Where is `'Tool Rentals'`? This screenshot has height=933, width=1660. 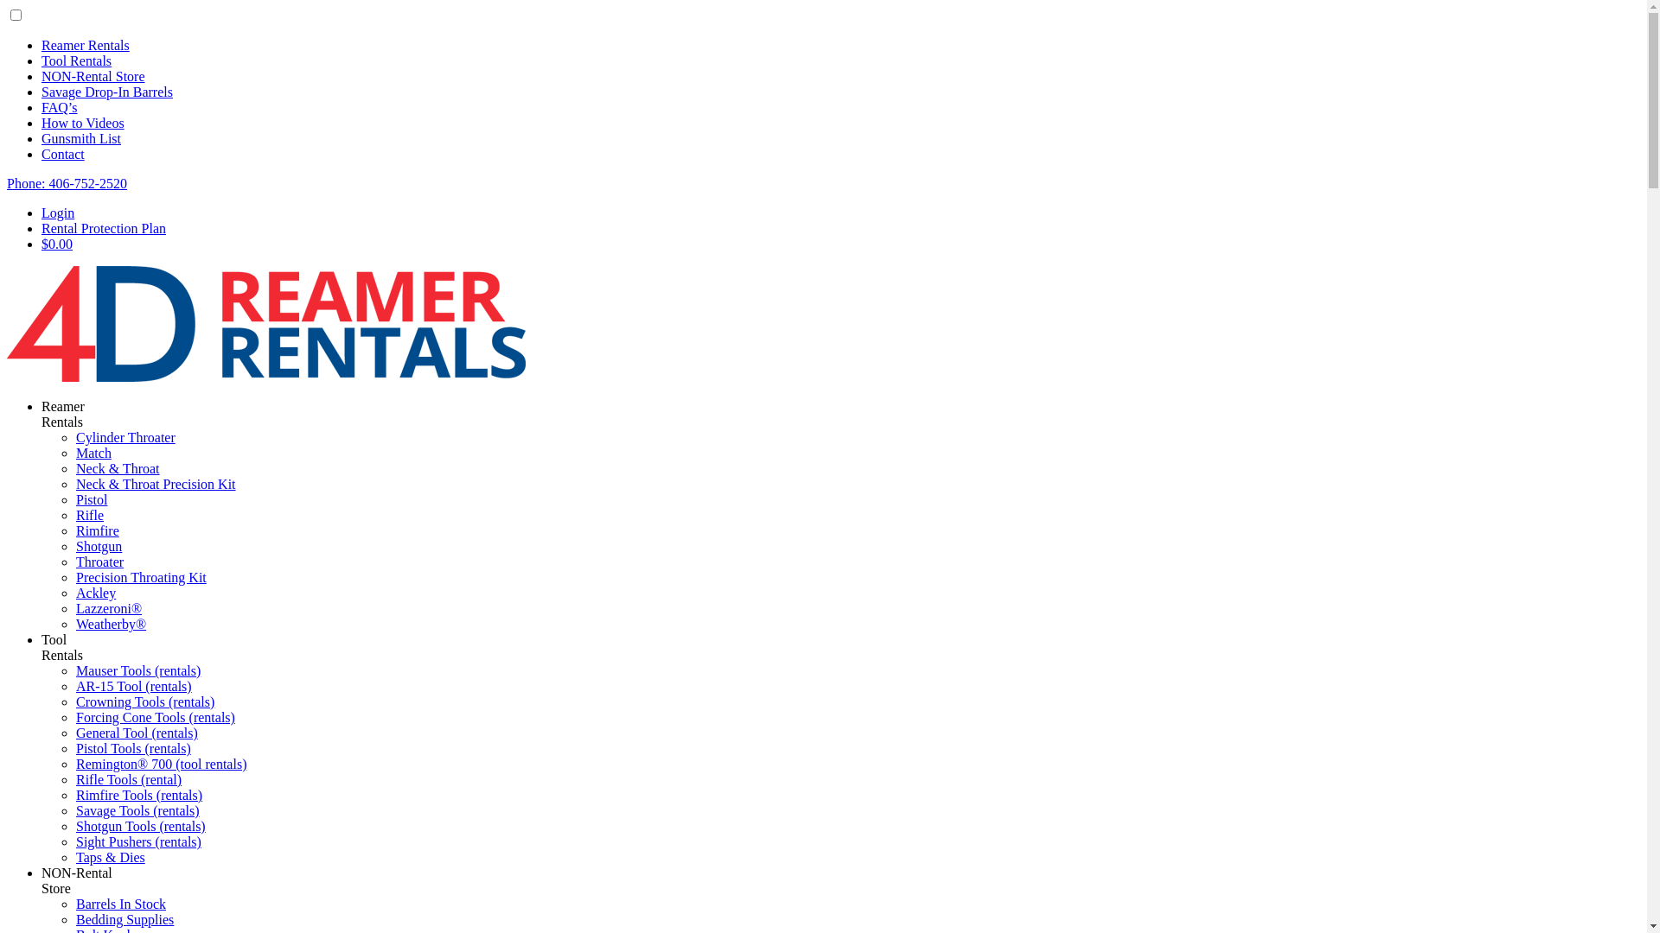 'Tool Rentals' is located at coordinates (75, 60).